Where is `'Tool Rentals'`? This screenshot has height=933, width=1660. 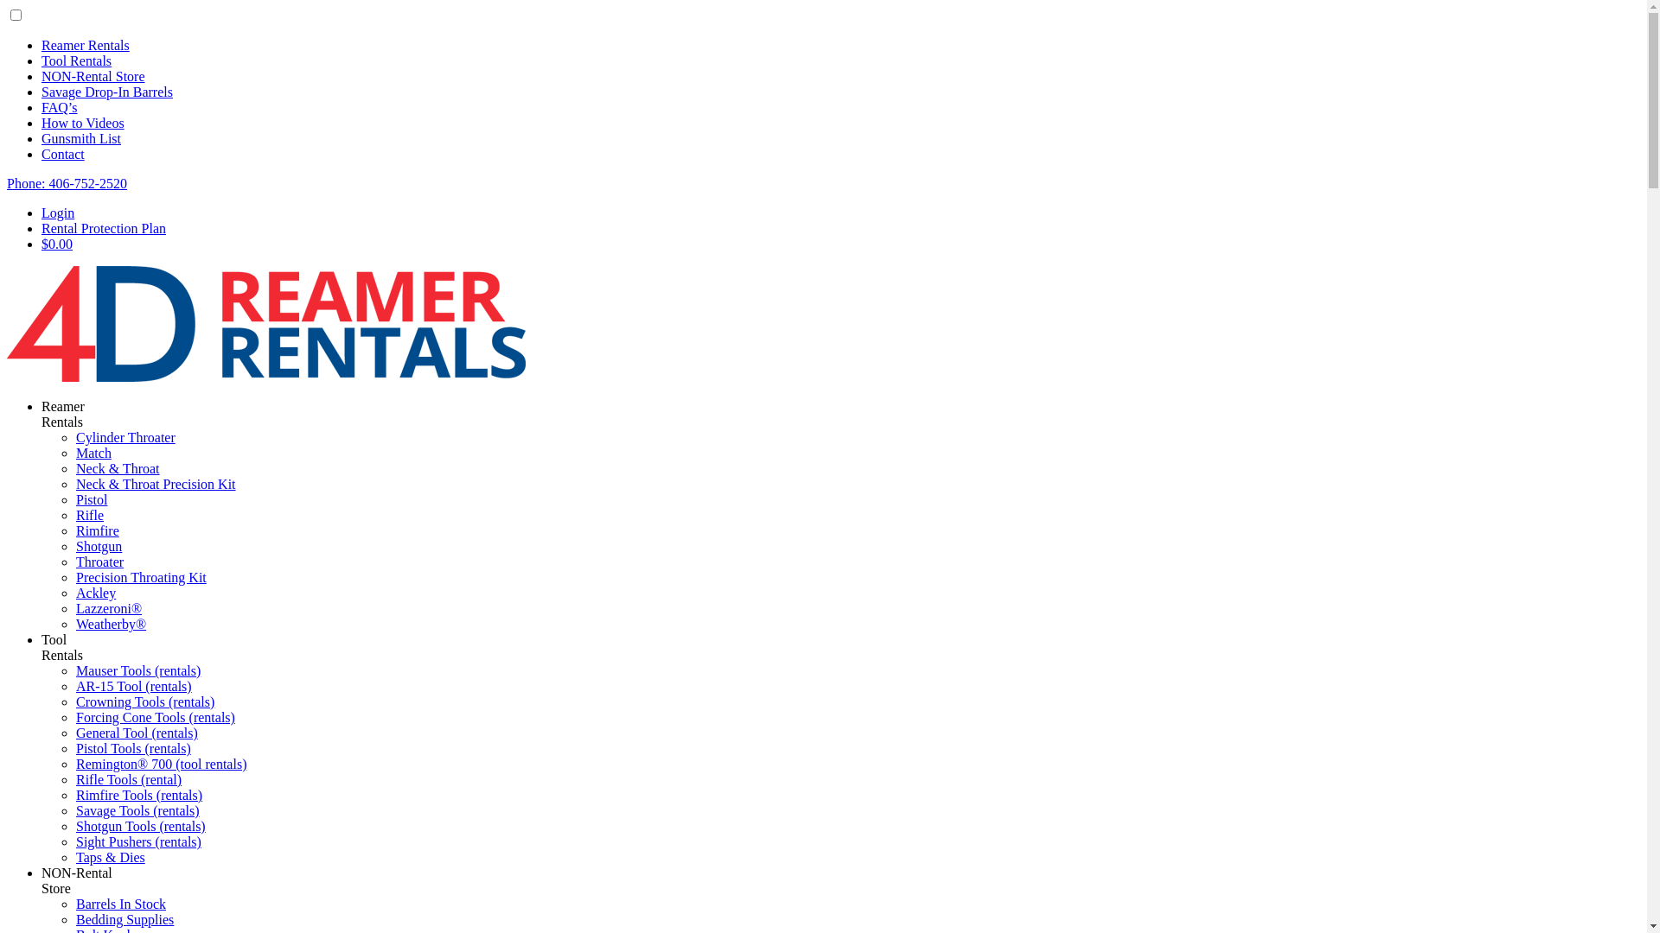 'Tool Rentals' is located at coordinates (75, 60).